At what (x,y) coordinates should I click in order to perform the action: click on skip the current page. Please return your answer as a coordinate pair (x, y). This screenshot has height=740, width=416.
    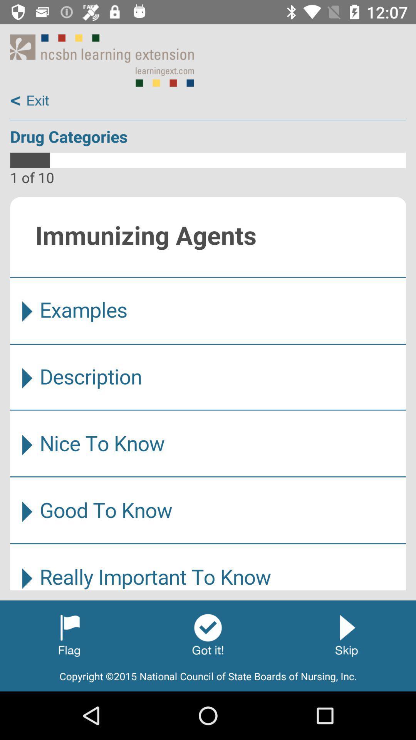
    Looking at the image, I should click on (346, 634).